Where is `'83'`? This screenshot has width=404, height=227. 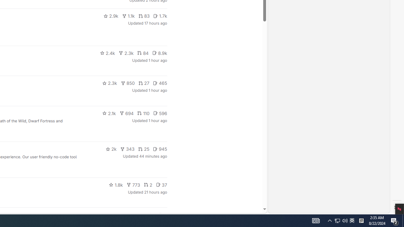 '83' is located at coordinates (144, 16).